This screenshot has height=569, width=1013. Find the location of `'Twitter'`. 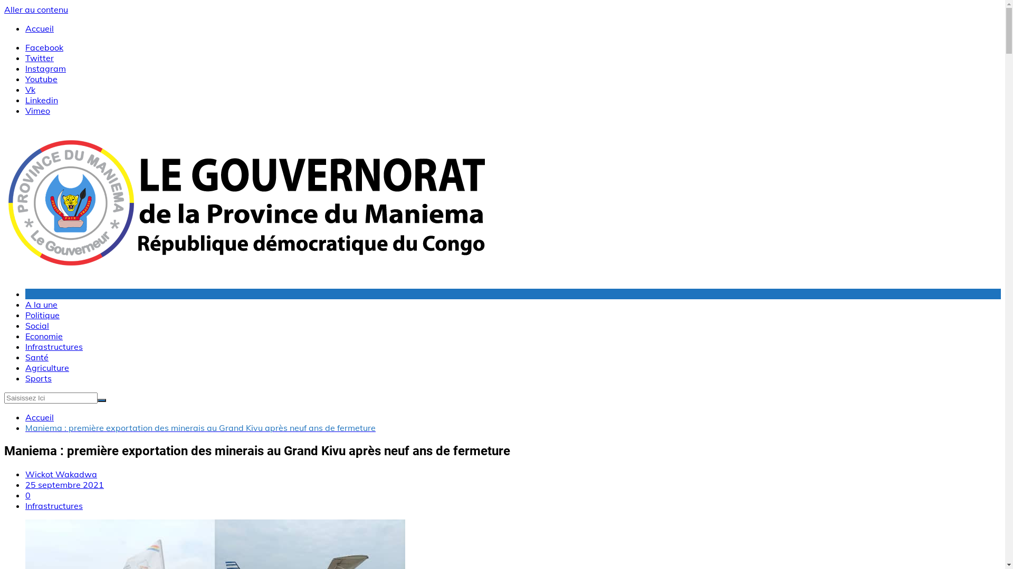

'Twitter' is located at coordinates (25, 58).